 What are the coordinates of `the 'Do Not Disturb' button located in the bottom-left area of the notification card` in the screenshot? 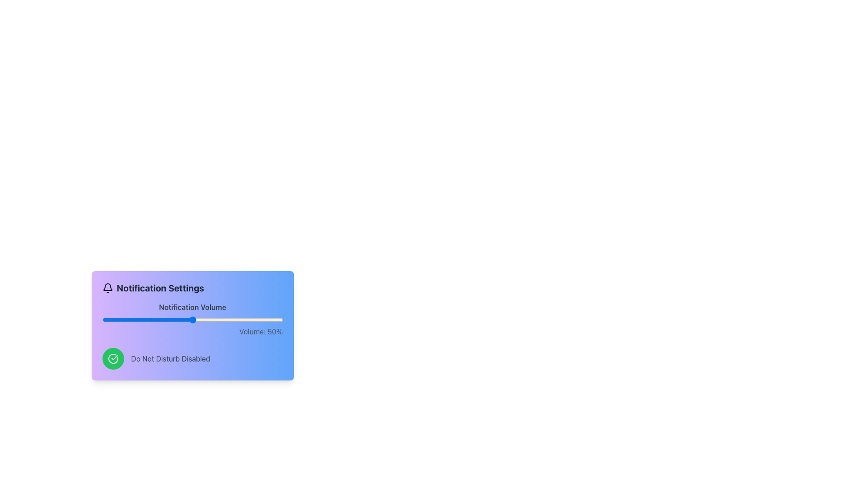 It's located at (112, 358).